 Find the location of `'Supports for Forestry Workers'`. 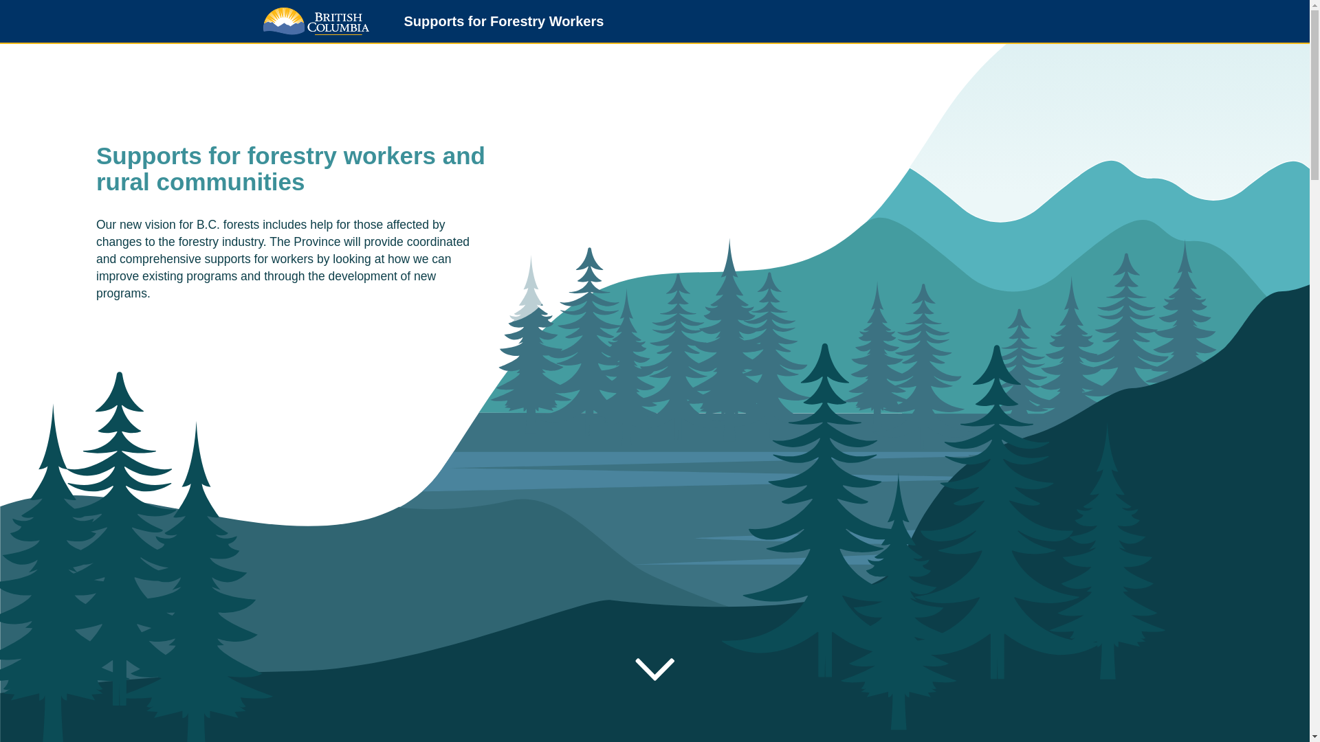

'Supports for Forestry Workers' is located at coordinates (497, 23).